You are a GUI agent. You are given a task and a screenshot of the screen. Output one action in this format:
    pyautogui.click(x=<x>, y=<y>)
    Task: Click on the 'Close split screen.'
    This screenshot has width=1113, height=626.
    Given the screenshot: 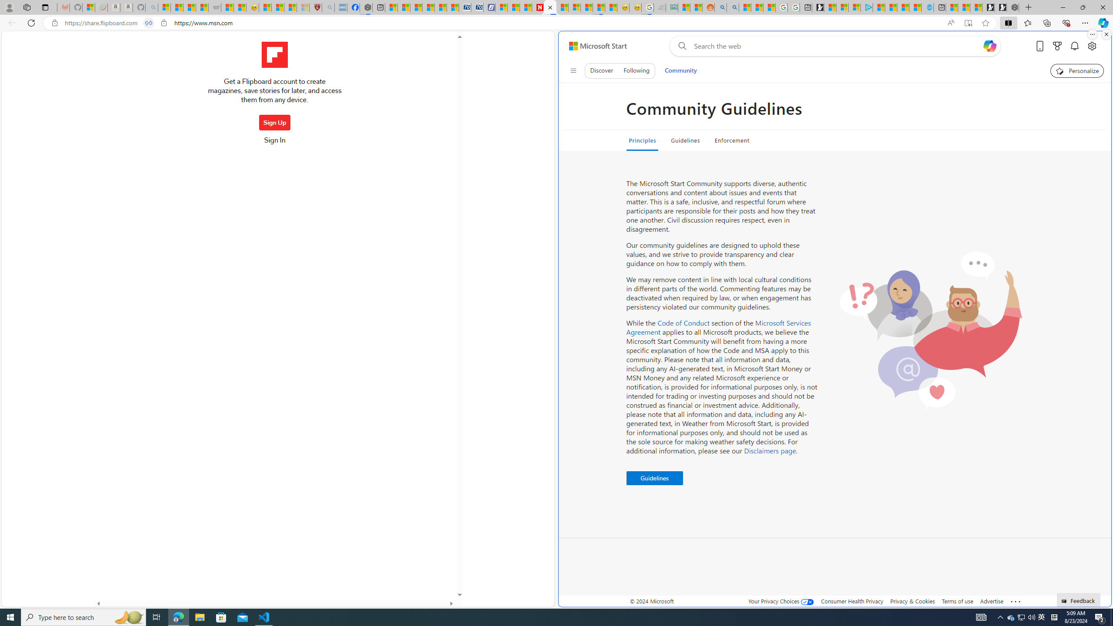 What is the action you would take?
    pyautogui.click(x=1106, y=34)
    